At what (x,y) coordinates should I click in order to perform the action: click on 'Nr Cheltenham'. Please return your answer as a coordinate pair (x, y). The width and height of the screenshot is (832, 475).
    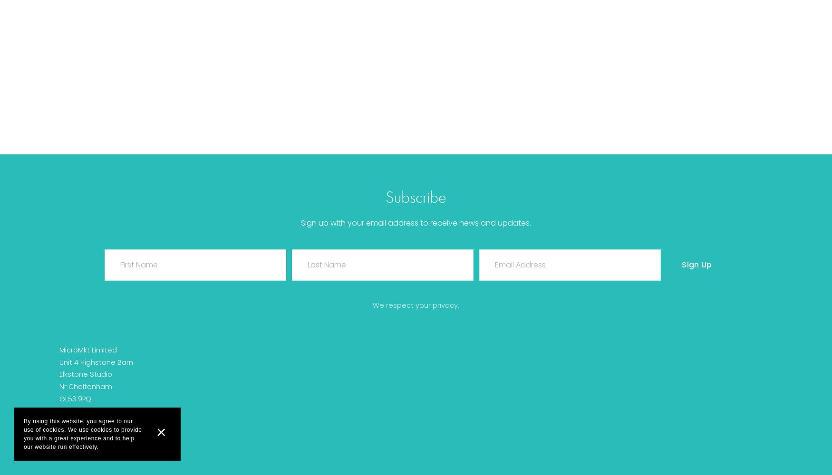
    Looking at the image, I should click on (85, 386).